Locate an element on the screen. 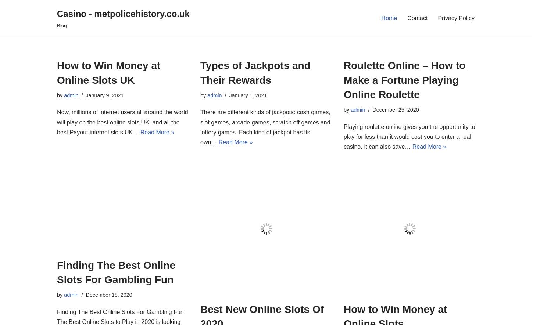 This screenshot has height=325, width=533. 'Contact' is located at coordinates (417, 18).